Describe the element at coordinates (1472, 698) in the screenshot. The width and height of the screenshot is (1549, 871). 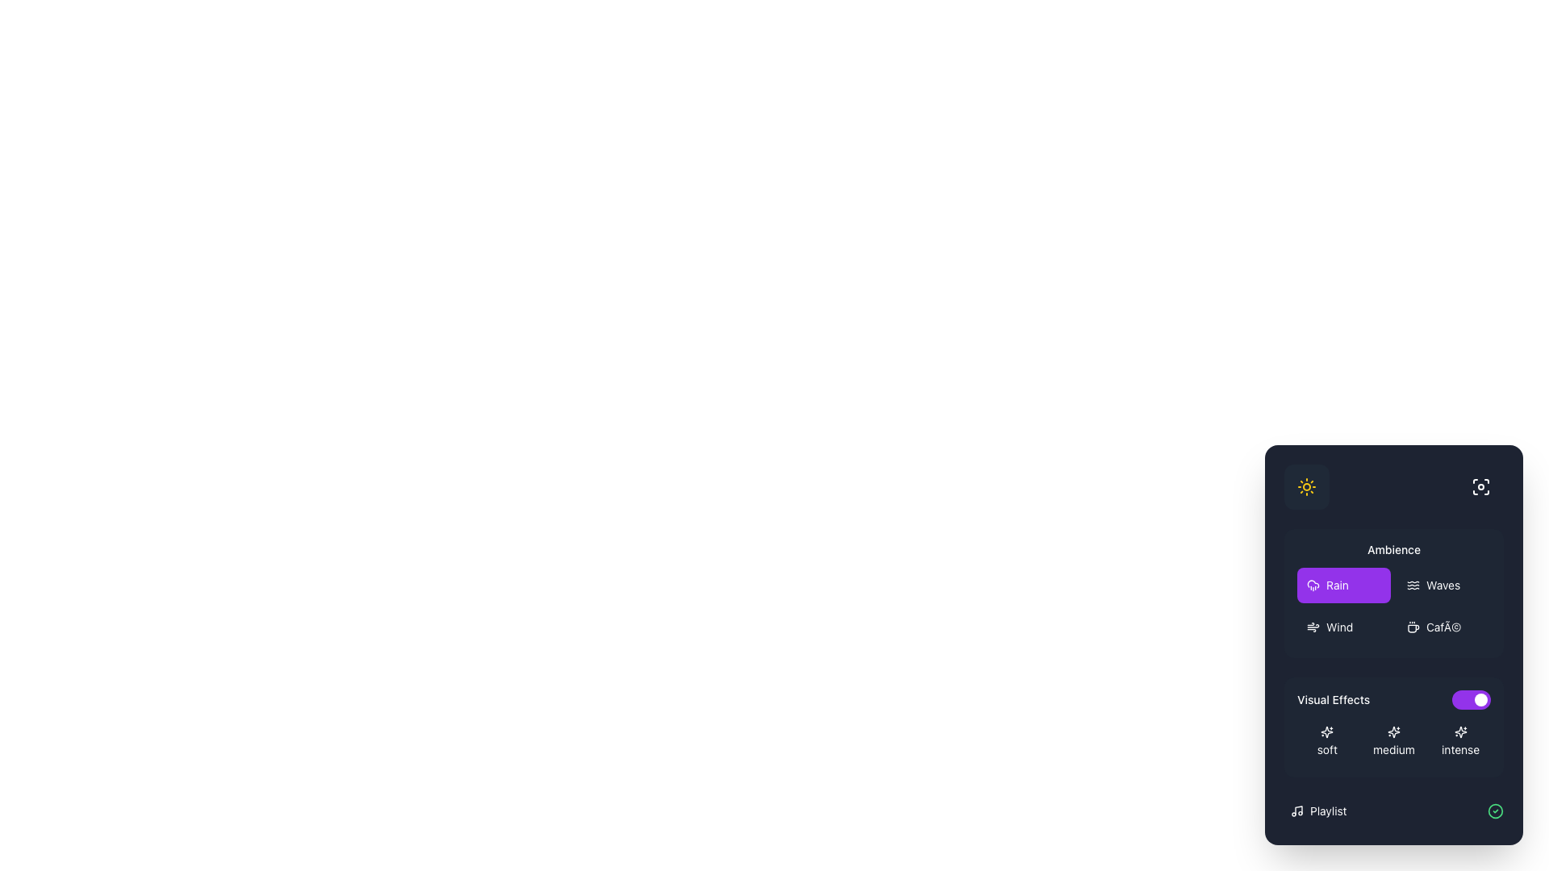
I see `the white circular knob of the toggle switch located on the right-hand side of the 'Visual Effects' section, which has a purple background and is styled with rounded corners` at that location.